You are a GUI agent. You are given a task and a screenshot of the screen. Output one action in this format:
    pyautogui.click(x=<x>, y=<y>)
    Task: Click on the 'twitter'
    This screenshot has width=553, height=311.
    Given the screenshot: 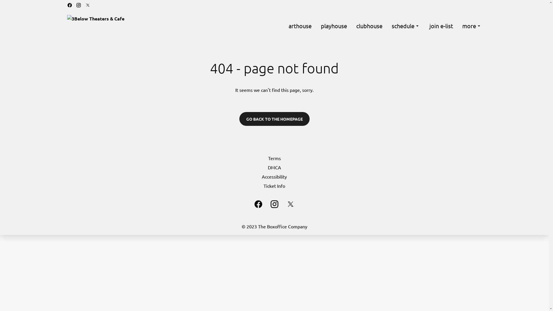 What is the action you would take?
    pyautogui.click(x=290, y=204)
    